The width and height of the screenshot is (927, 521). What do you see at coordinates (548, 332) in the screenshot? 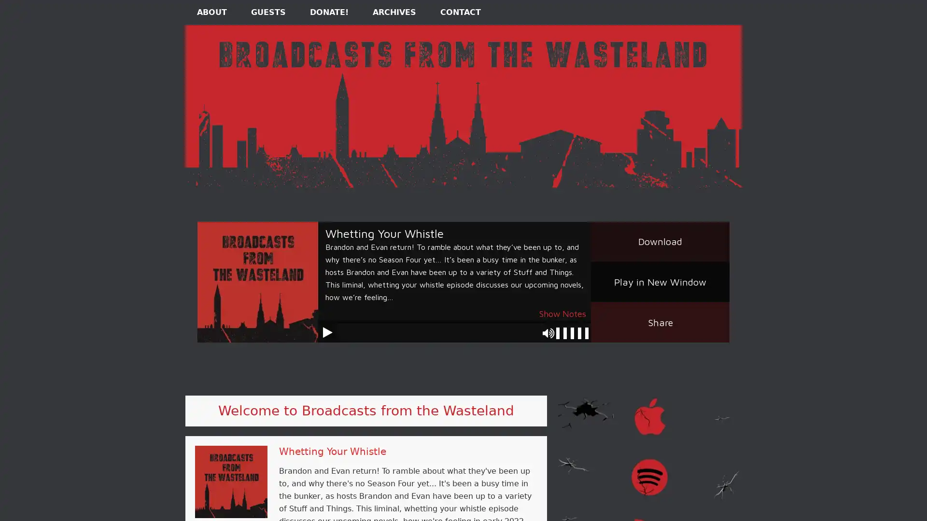
I see `Mute` at bounding box center [548, 332].